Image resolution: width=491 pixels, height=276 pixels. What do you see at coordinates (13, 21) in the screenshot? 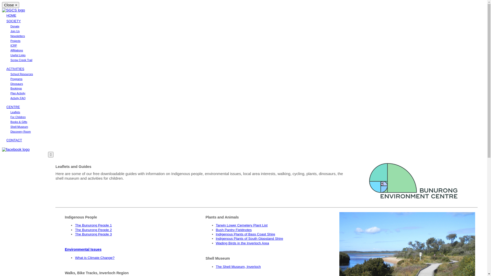
I see `'SOCIETY'` at bounding box center [13, 21].